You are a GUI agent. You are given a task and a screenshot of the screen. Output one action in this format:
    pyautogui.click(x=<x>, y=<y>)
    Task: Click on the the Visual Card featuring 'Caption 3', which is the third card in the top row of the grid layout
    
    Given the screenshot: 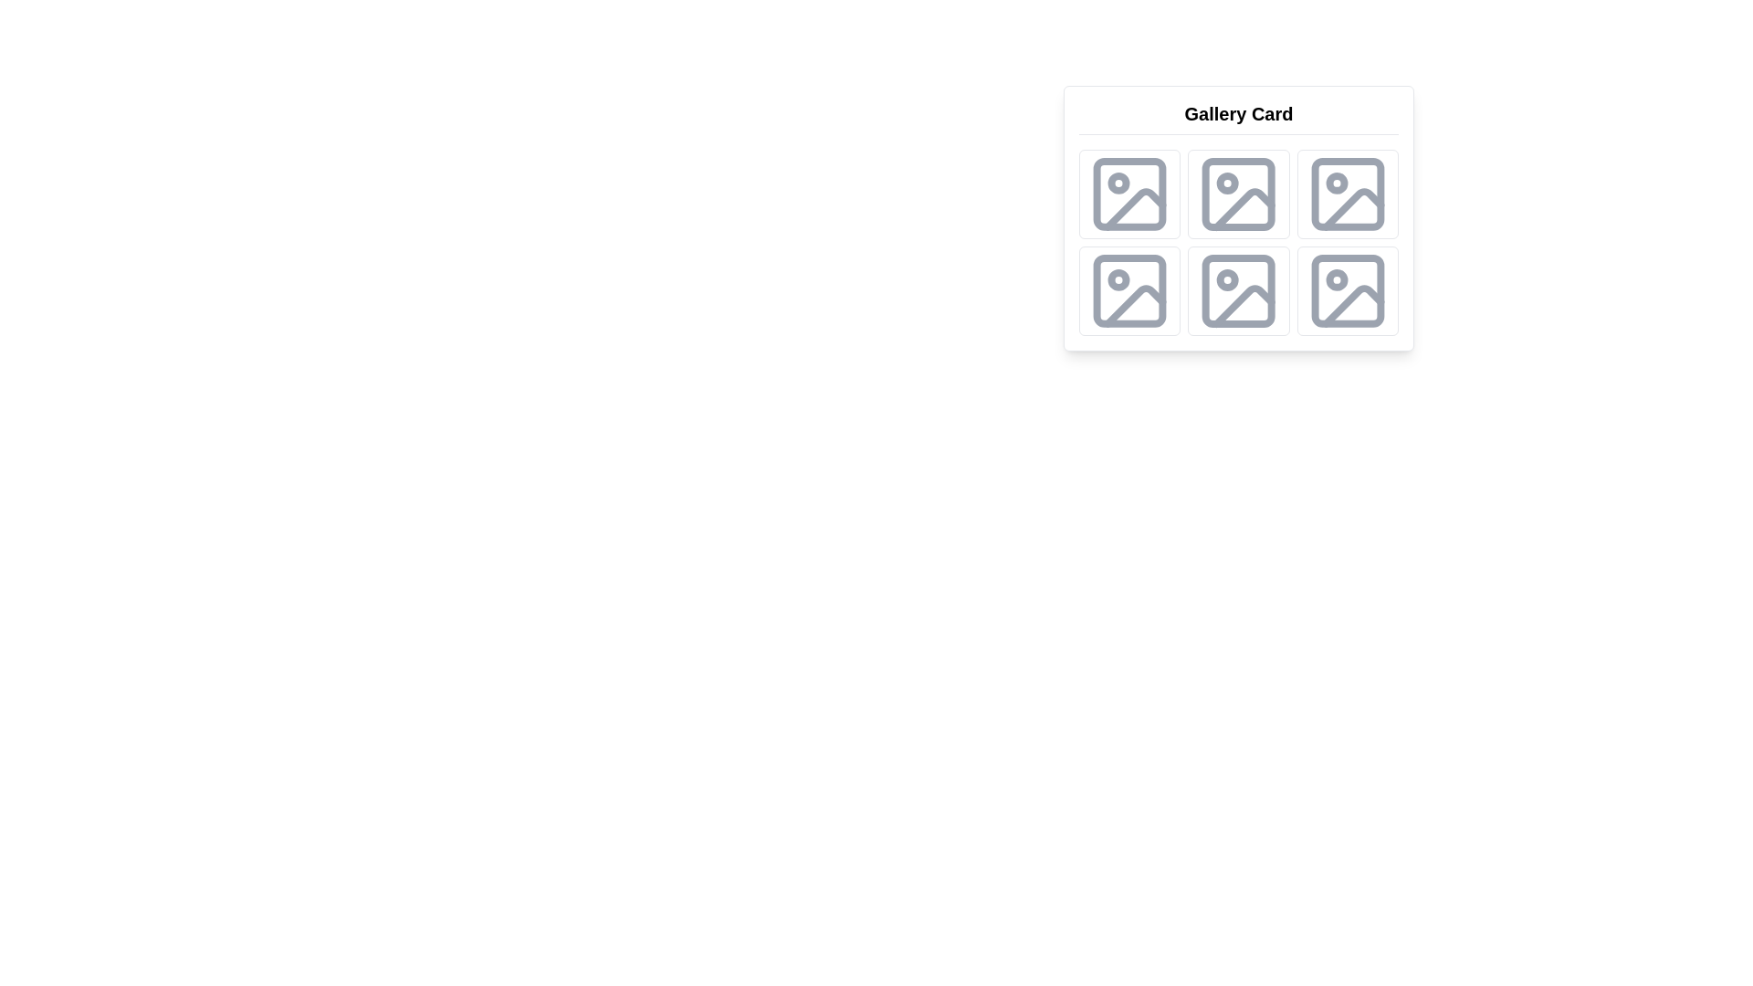 What is the action you would take?
    pyautogui.click(x=1348, y=194)
    